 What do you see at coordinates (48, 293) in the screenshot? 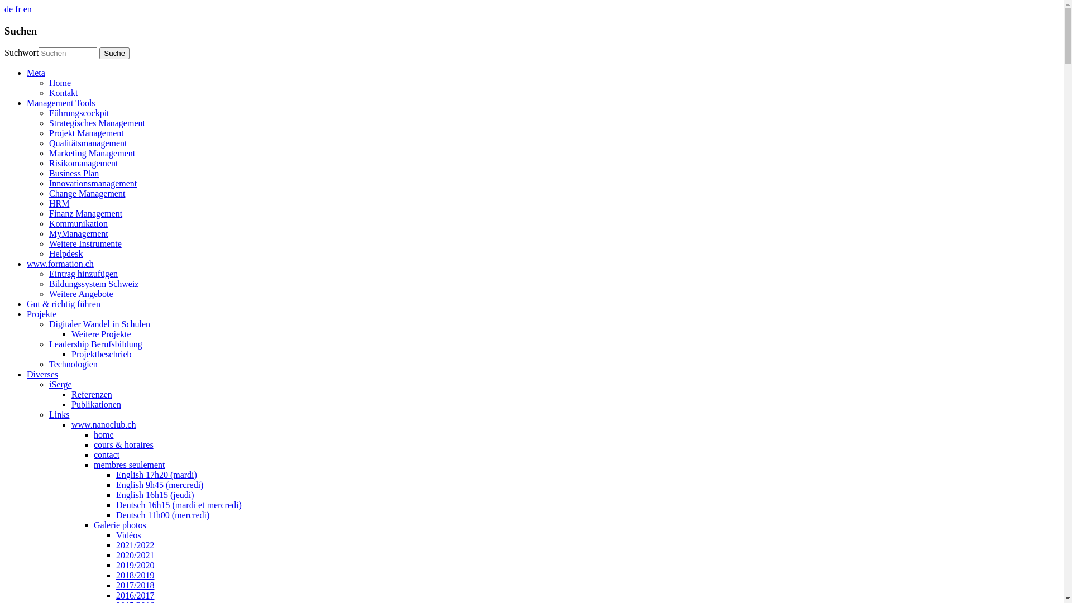
I see `'Weitere Angebote'` at bounding box center [48, 293].